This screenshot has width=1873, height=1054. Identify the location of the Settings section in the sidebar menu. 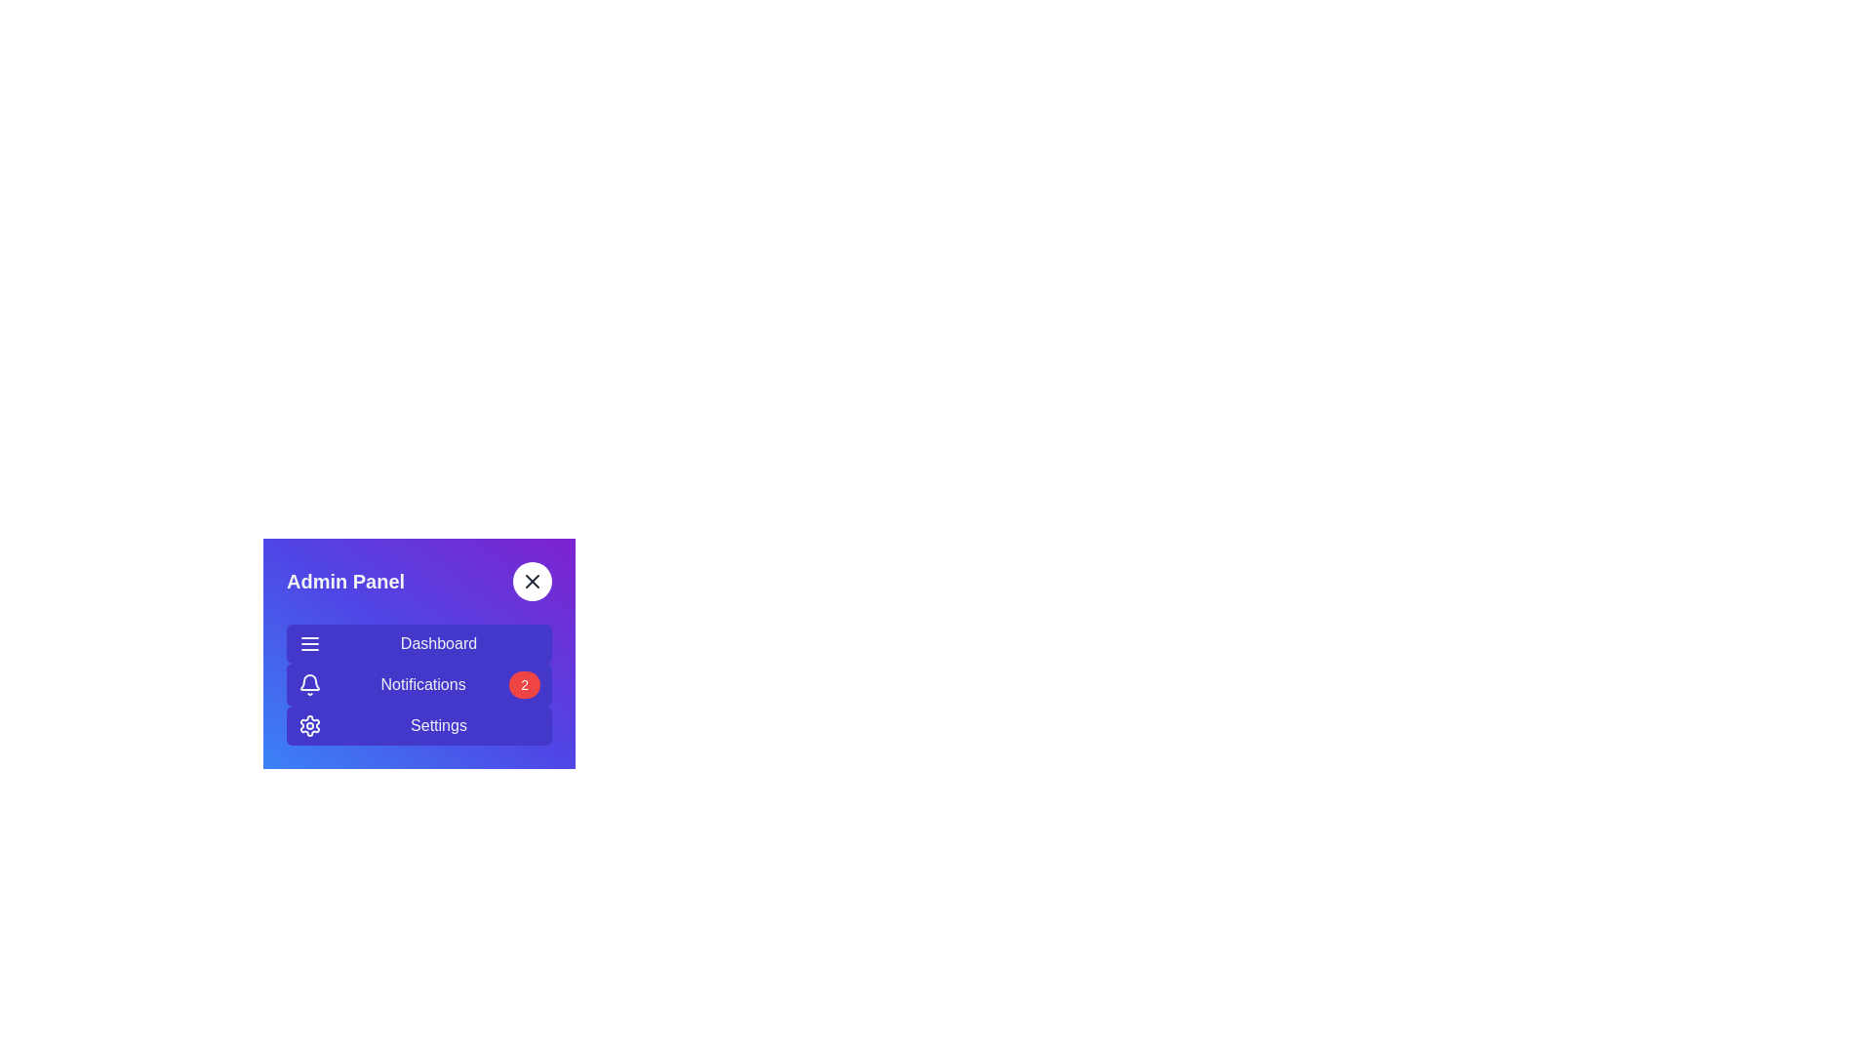
(418, 726).